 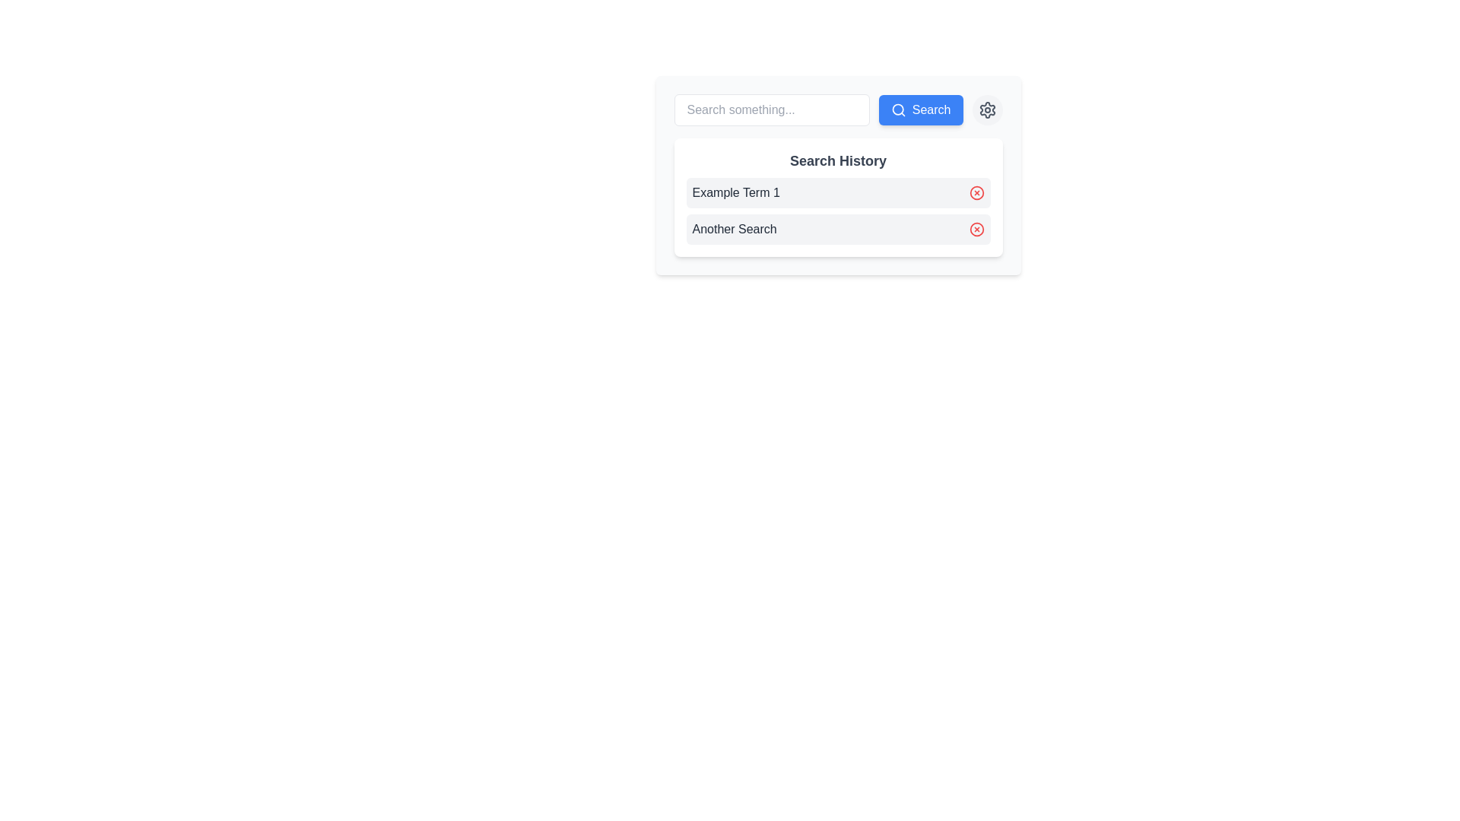 What do you see at coordinates (930, 109) in the screenshot?
I see `the text label inside the blue button located at the top-right corner of the central panel` at bounding box center [930, 109].